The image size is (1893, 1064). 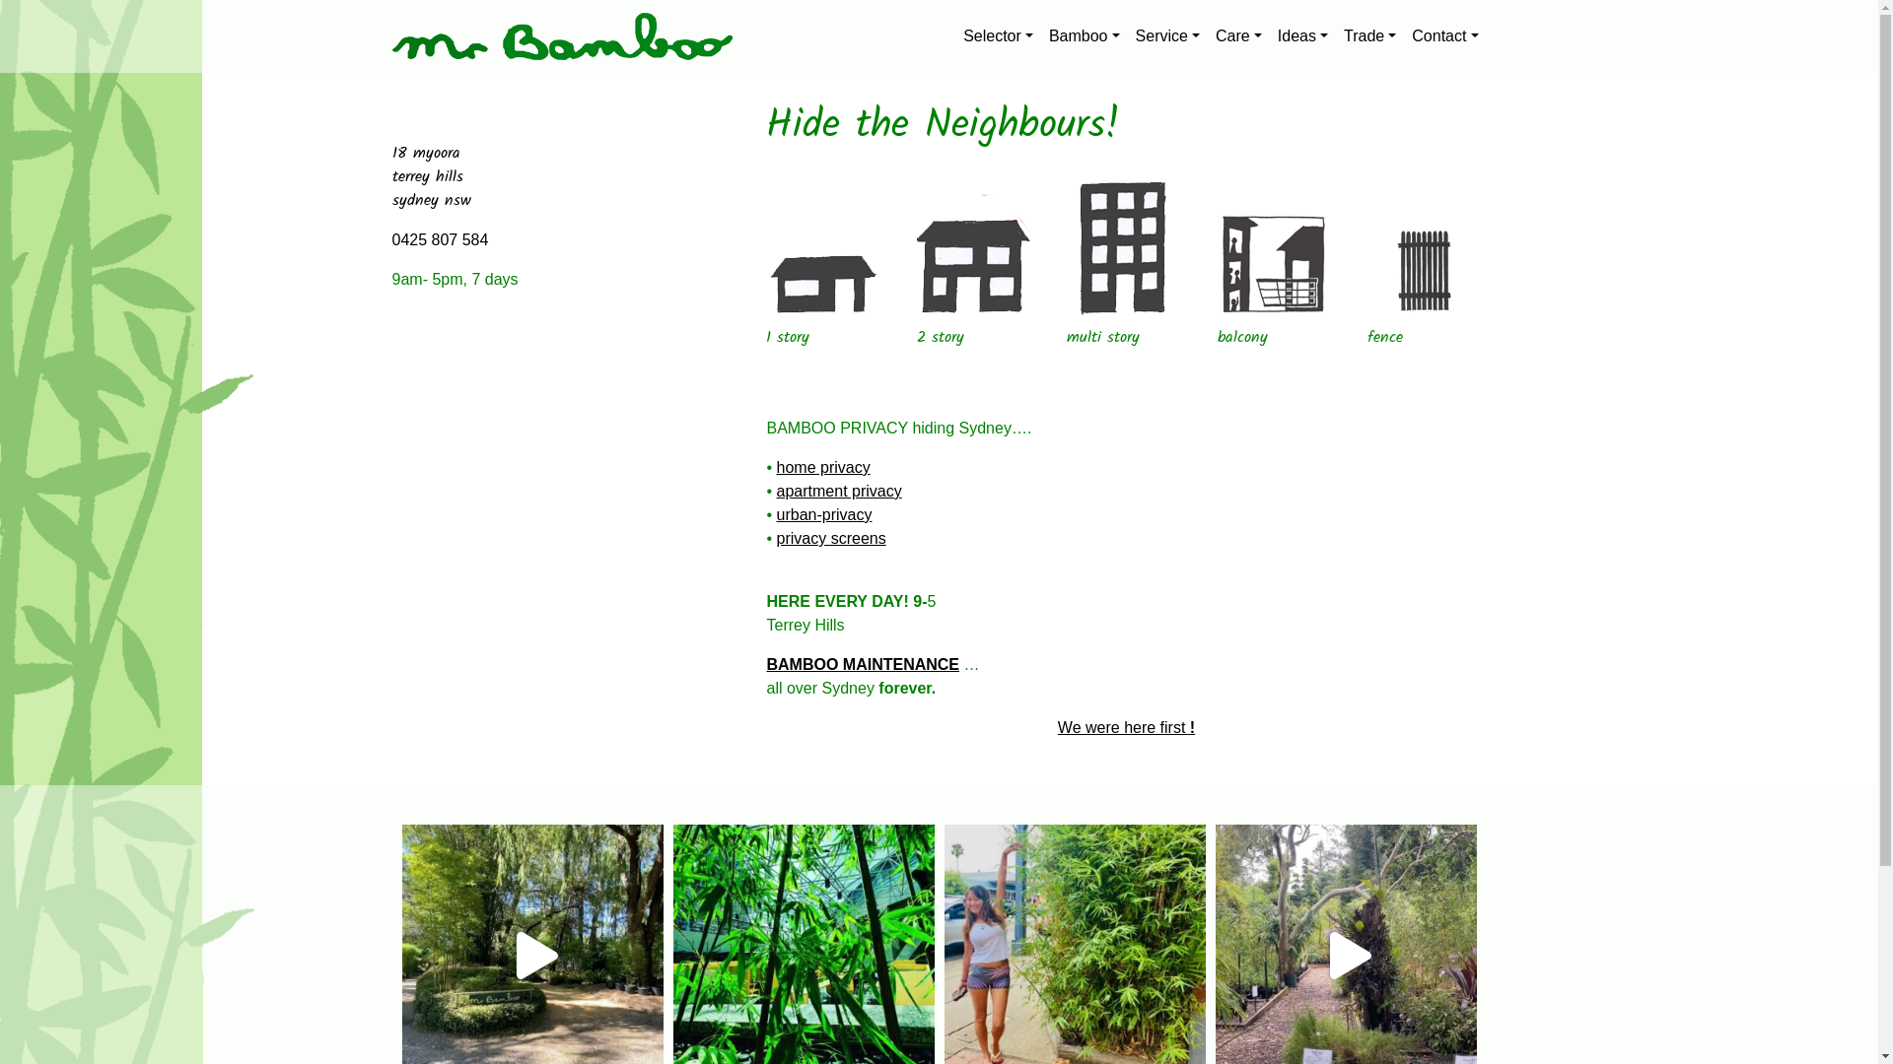 I want to click on 'Selector', so click(x=998, y=36).